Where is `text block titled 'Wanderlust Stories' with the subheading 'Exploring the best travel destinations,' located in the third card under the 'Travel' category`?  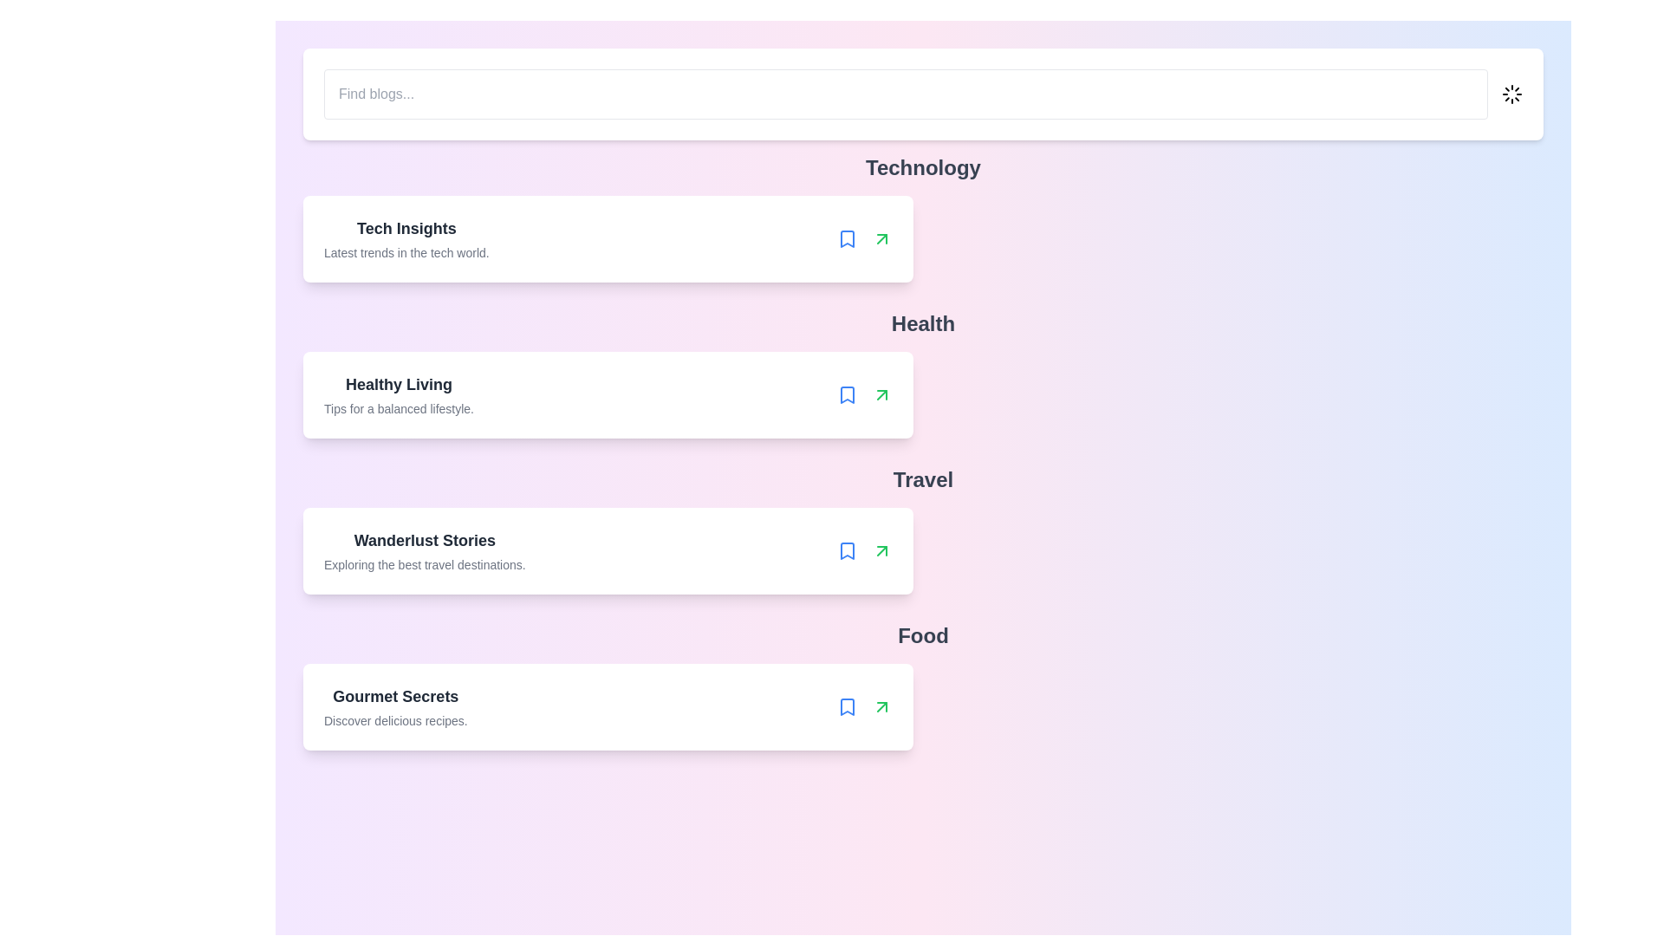
text block titled 'Wanderlust Stories' with the subheading 'Exploring the best travel destinations,' located in the third card under the 'Travel' category is located at coordinates (425, 551).